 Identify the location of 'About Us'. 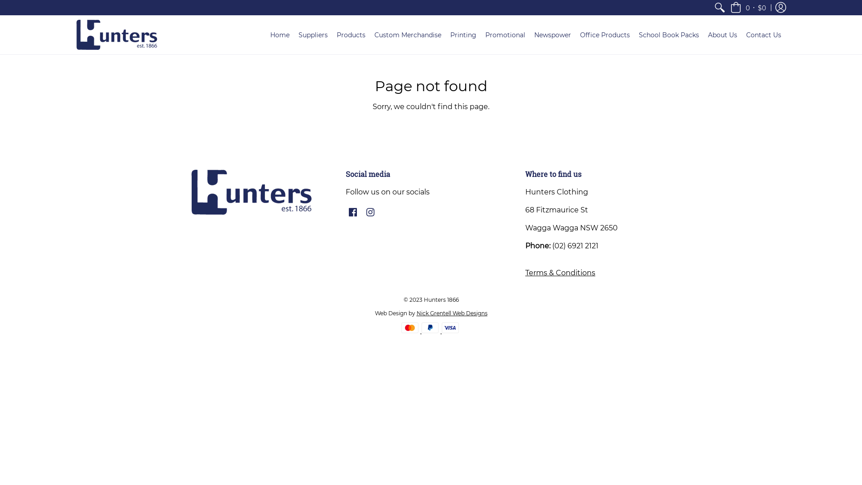
(703, 34).